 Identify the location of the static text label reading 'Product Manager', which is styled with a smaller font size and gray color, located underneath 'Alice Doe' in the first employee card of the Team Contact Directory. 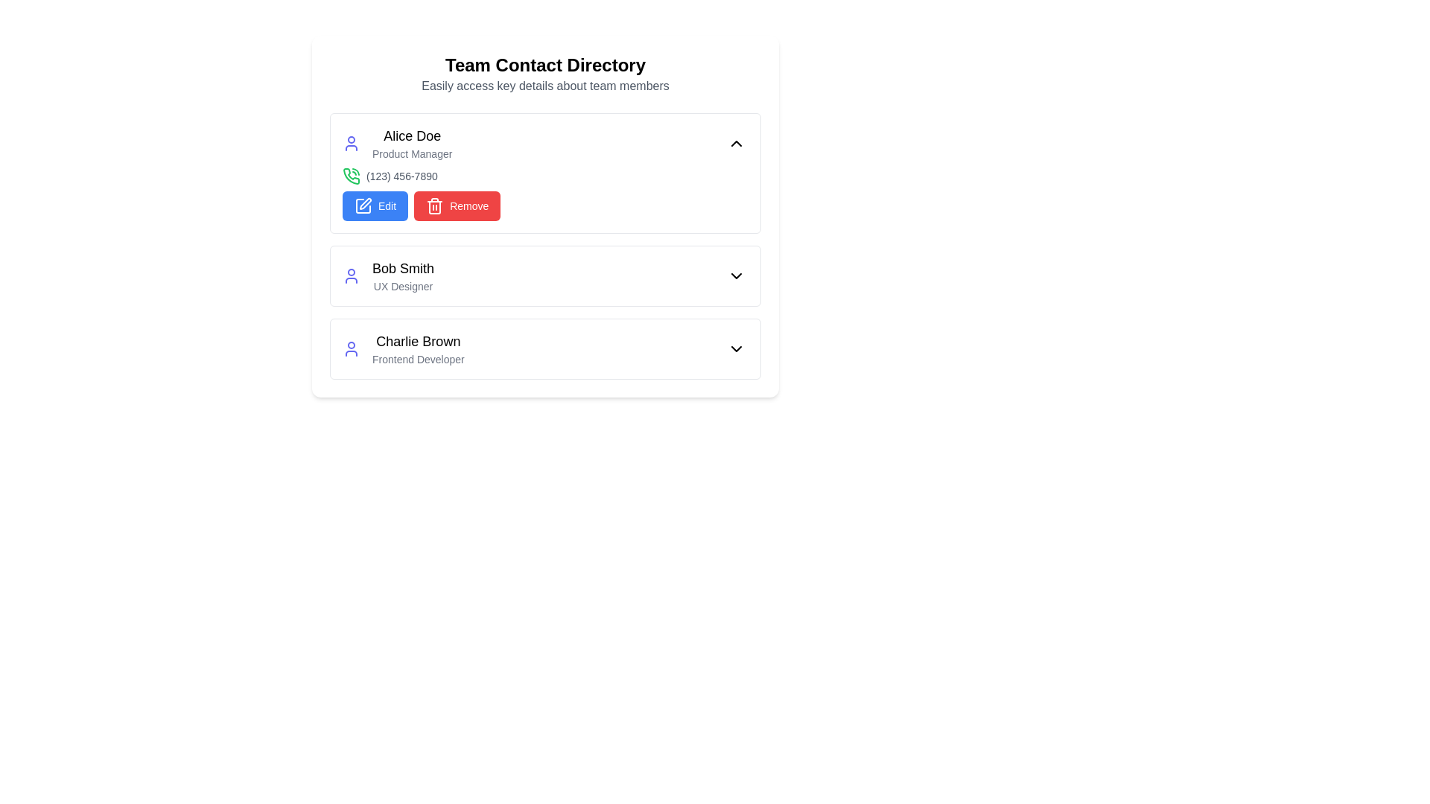
(412, 154).